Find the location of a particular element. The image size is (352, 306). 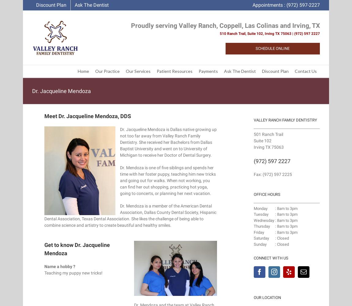

'Veneers' is located at coordinates (191, 130).